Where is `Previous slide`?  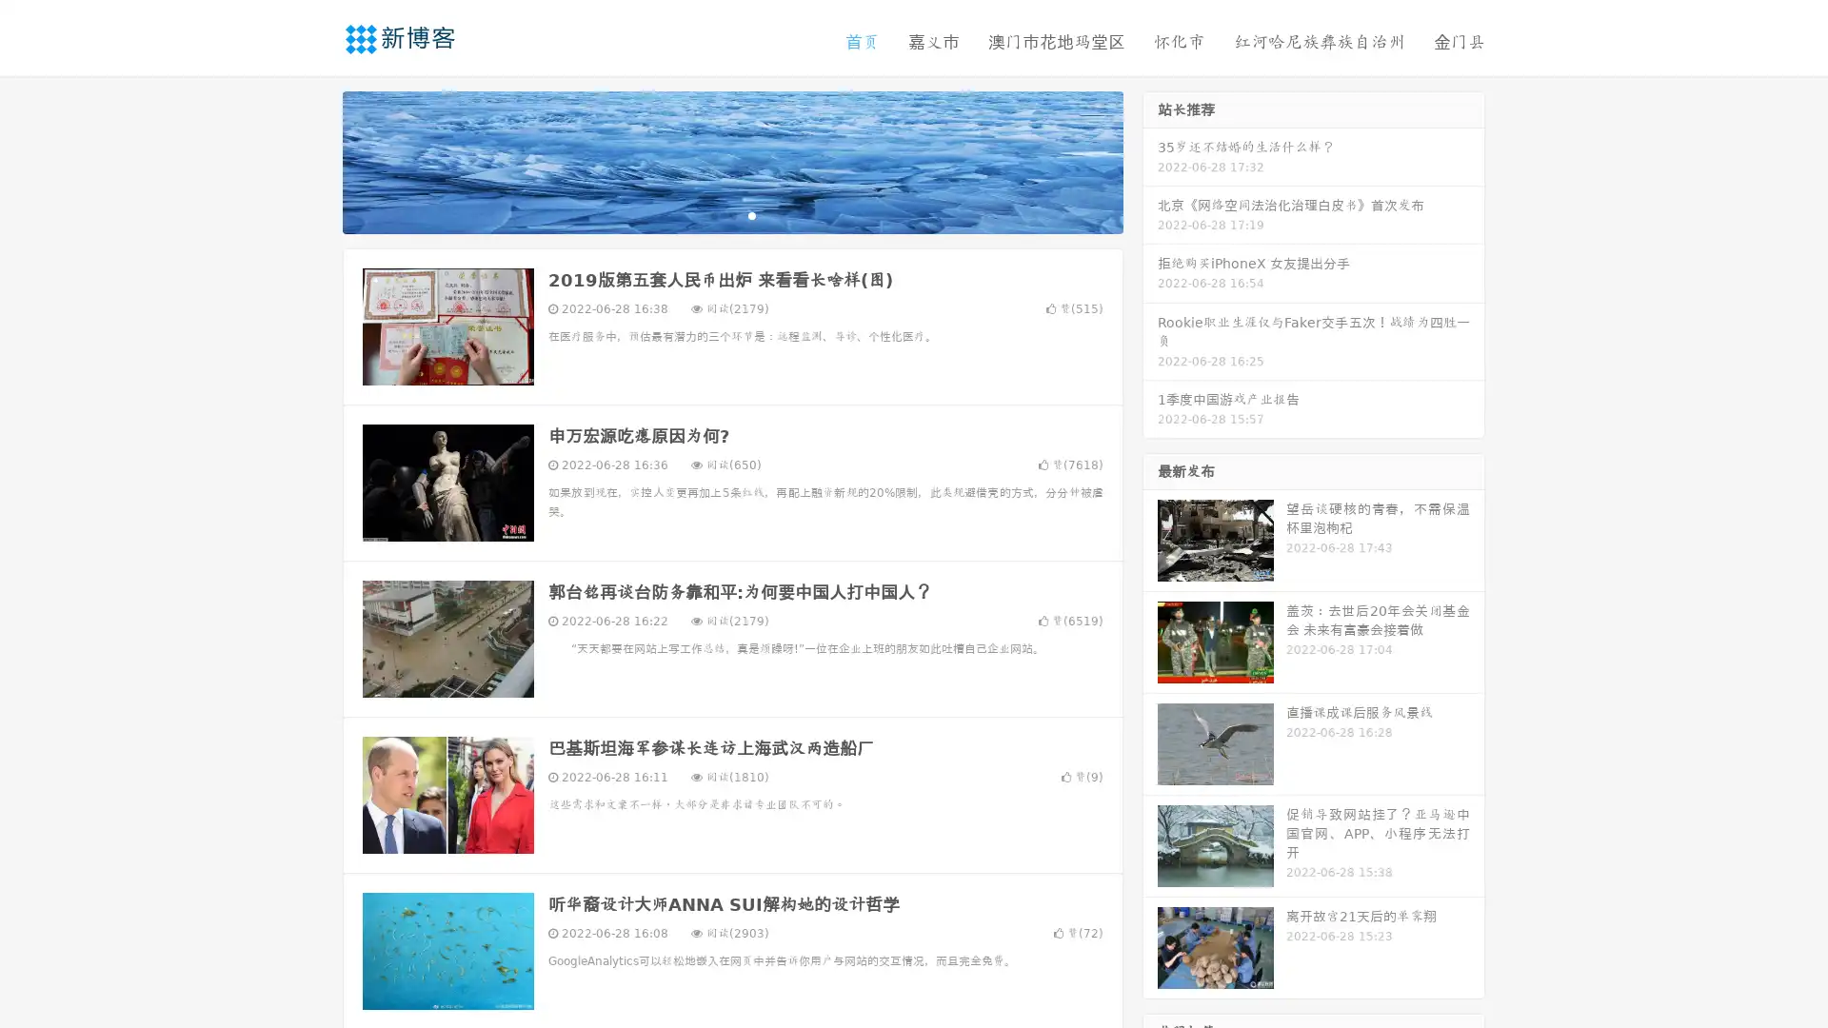 Previous slide is located at coordinates (314, 160).